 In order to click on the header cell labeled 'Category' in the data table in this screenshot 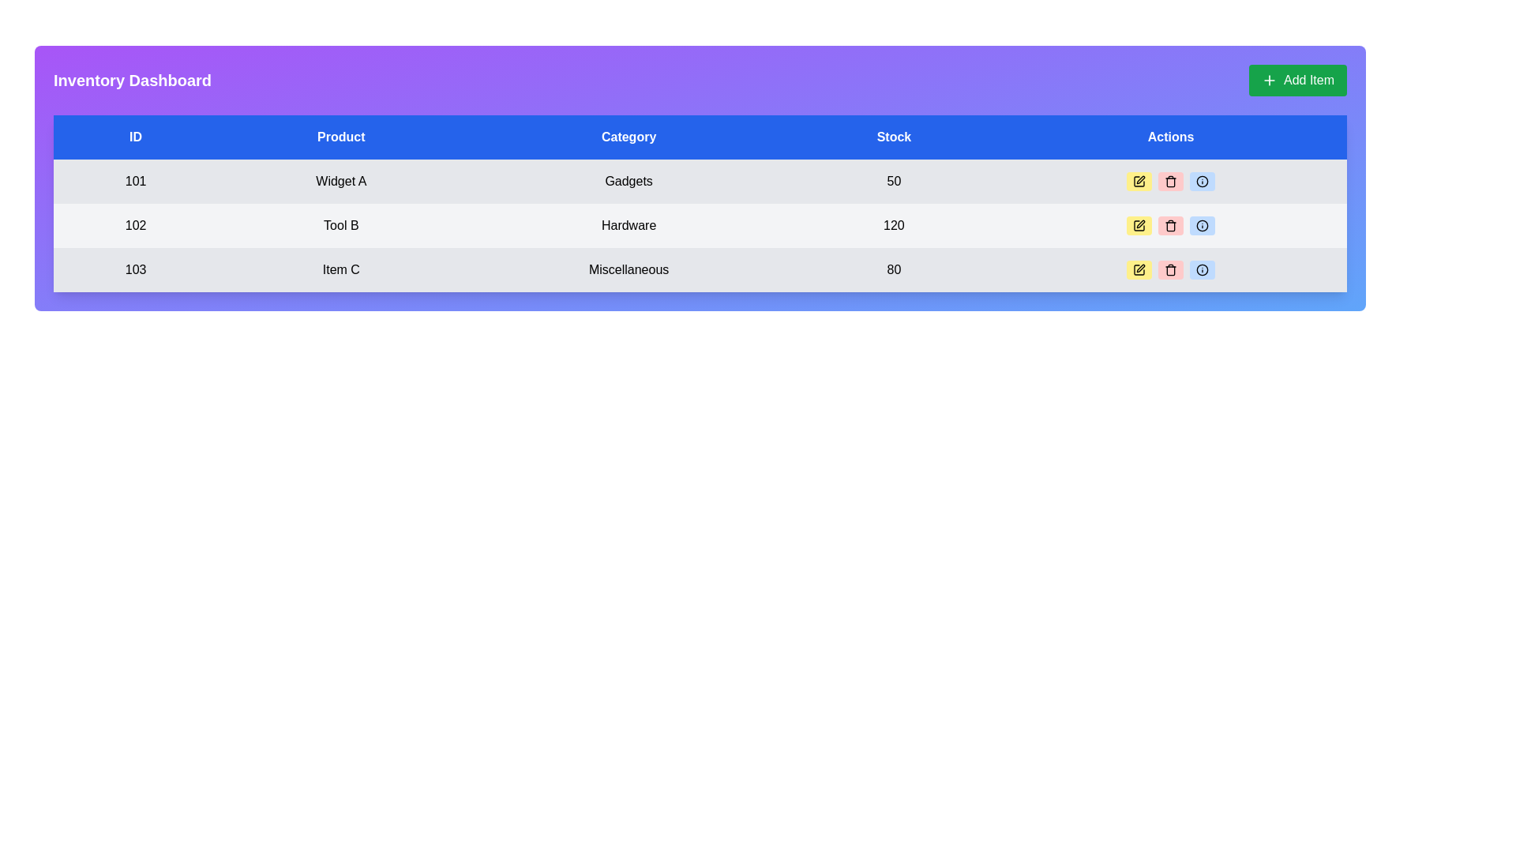, I will do `click(628, 136)`.